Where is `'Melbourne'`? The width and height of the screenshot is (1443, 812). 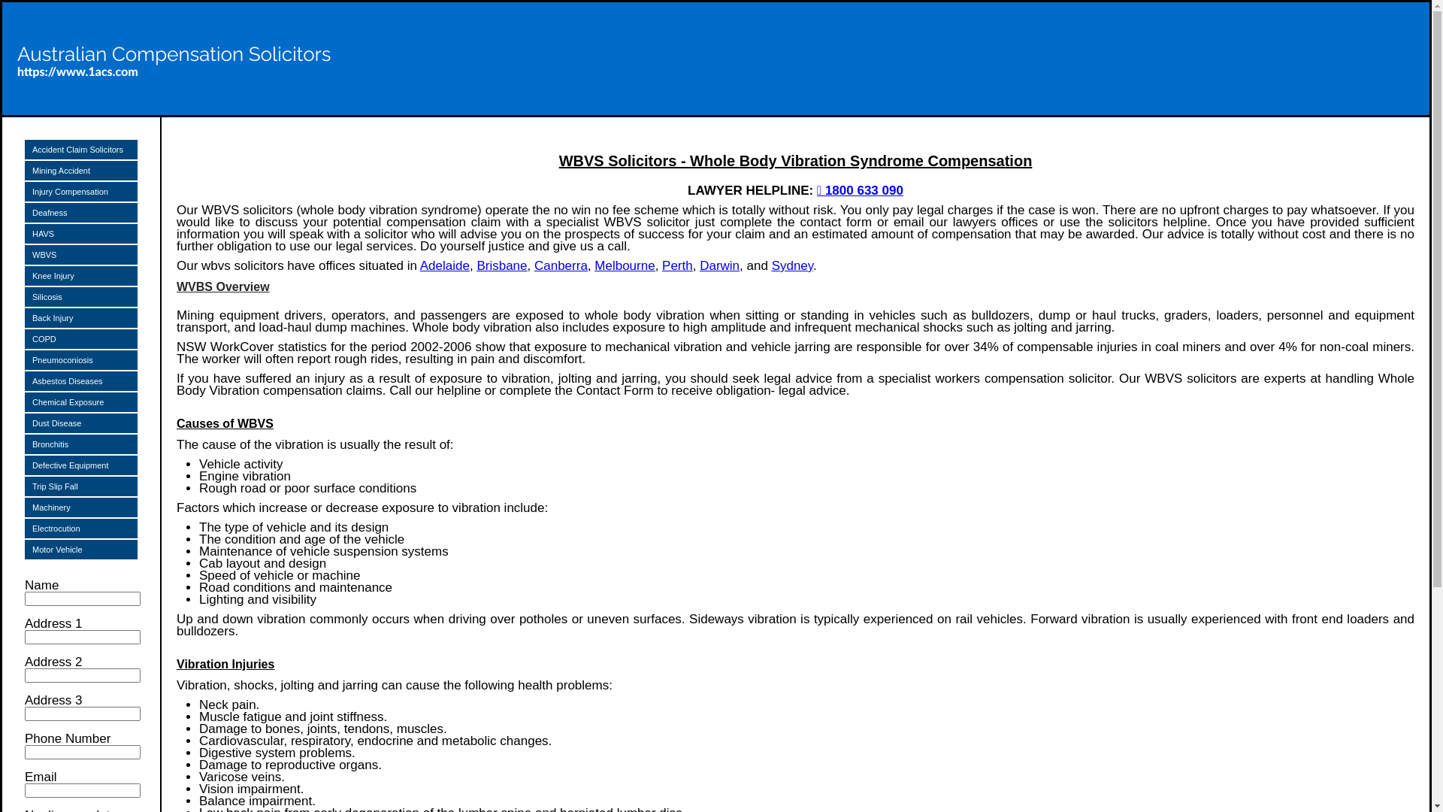
'Melbourne' is located at coordinates (624, 265).